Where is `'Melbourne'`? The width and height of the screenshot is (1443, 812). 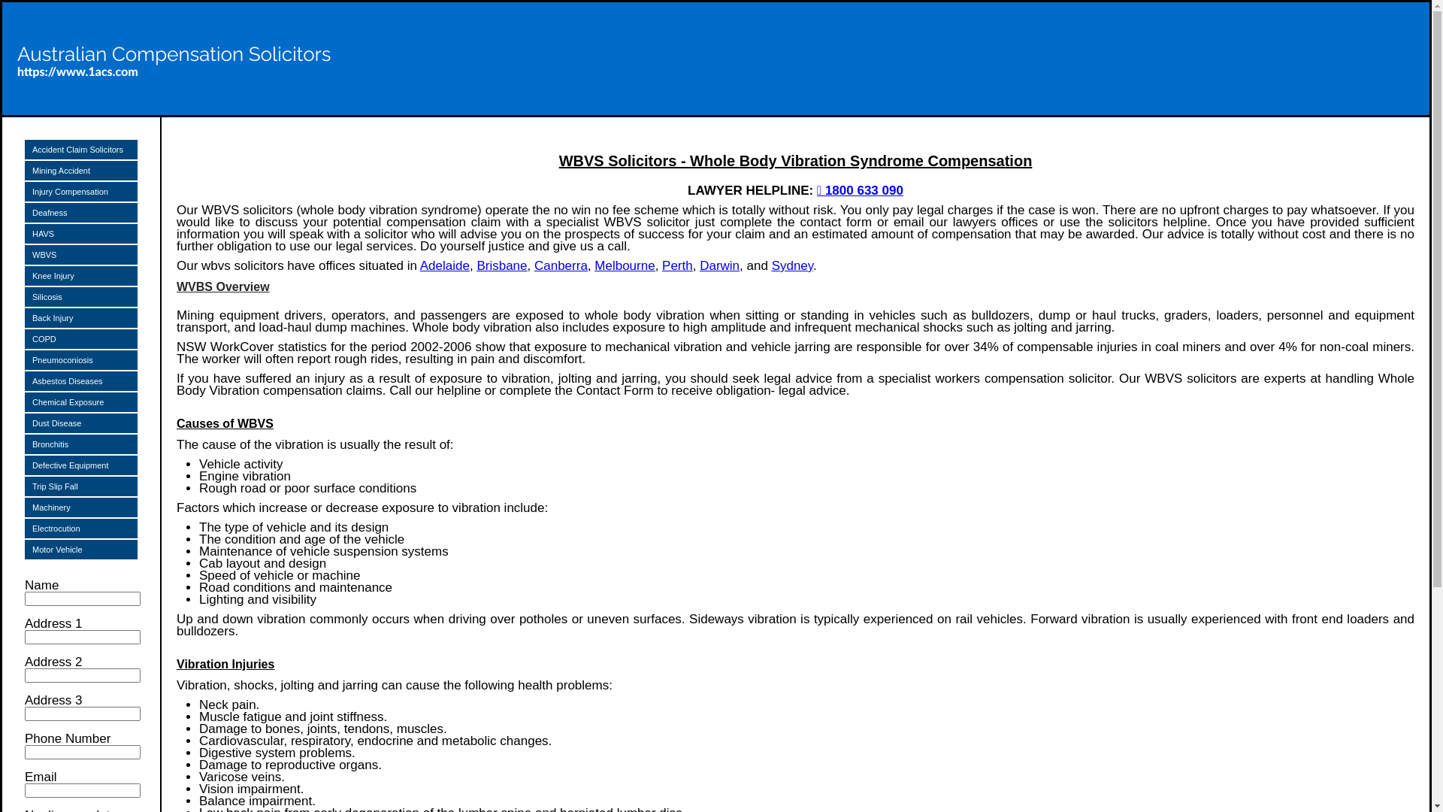
'Melbourne' is located at coordinates (624, 265).